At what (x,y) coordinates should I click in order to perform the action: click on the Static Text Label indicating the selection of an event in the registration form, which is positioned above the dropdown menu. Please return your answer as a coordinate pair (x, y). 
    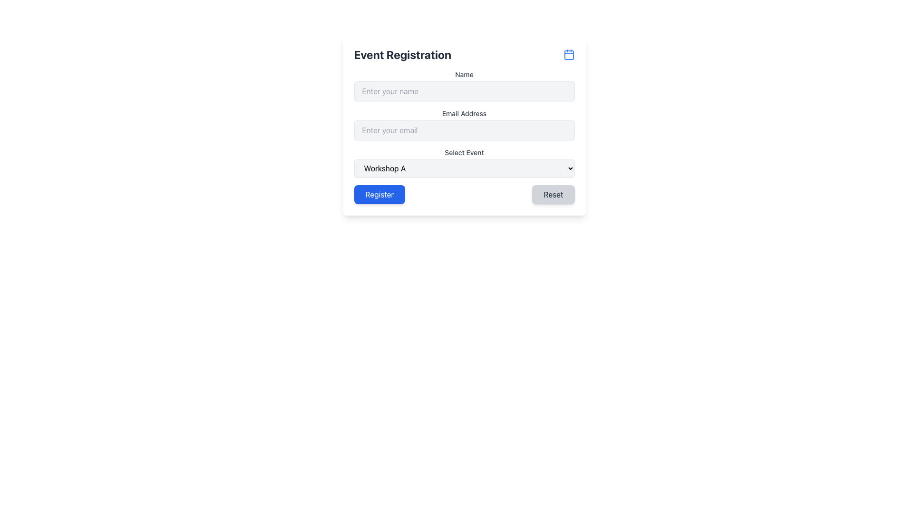
    Looking at the image, I should click on (464, 152).